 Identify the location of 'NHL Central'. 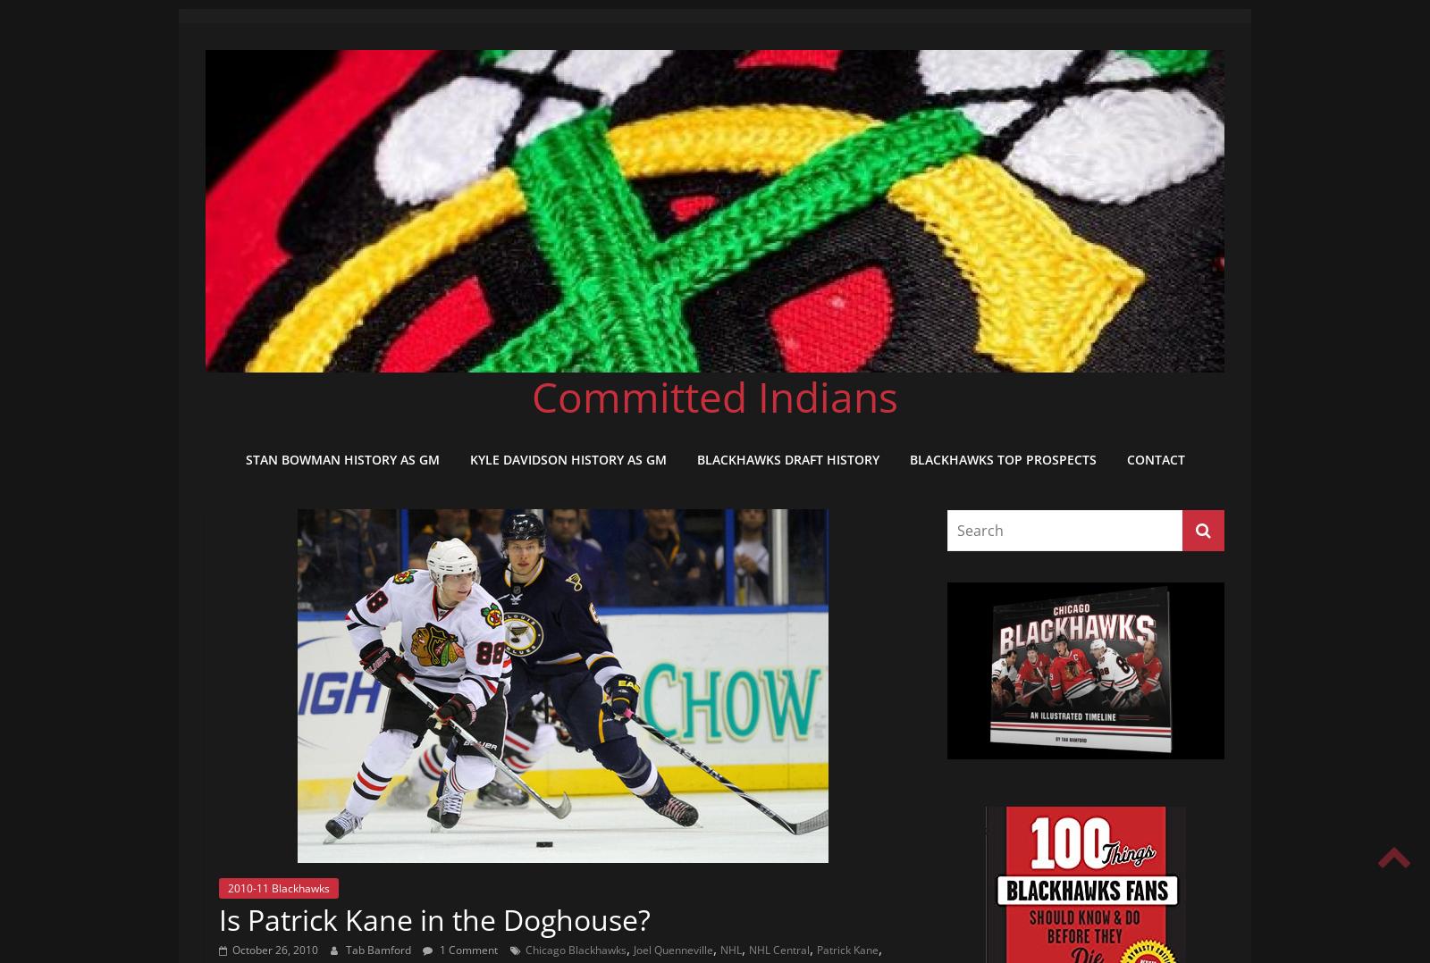
(748, 949).